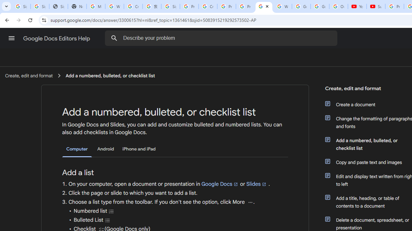 This screenshot has width=412, height=231. Describe the element at coordinates (139, 149) in the screenshot. I see `'iPhone and iPad'` at that location.